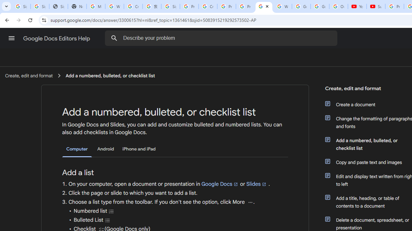 This screenshot has width=412, height=231. Describe the element at coordinates (139, 149) in the screenshot. I see `'iPhone and iPad'` at that location.